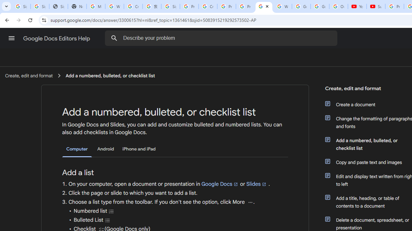 This screenshot has width=412, height=231. Describe the element at coordinates (139, 149) in the screenshot. I see `'iPhone and iPad'` at that location.